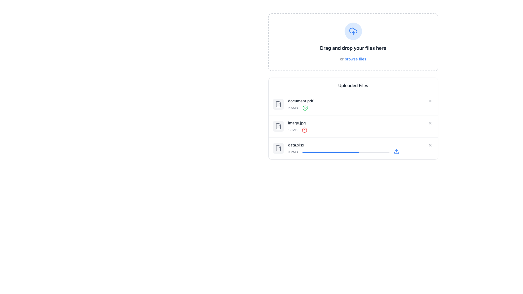 This screenshot has width=523, height=294. What do you see at coordinates (353, 42) in the screenshot?
I see `the 'browse files' link within the File upload zone, which is characterized by its dashed borders and rounded corners, located at the top of the component hierarchy` at bounding box center [353, 42].